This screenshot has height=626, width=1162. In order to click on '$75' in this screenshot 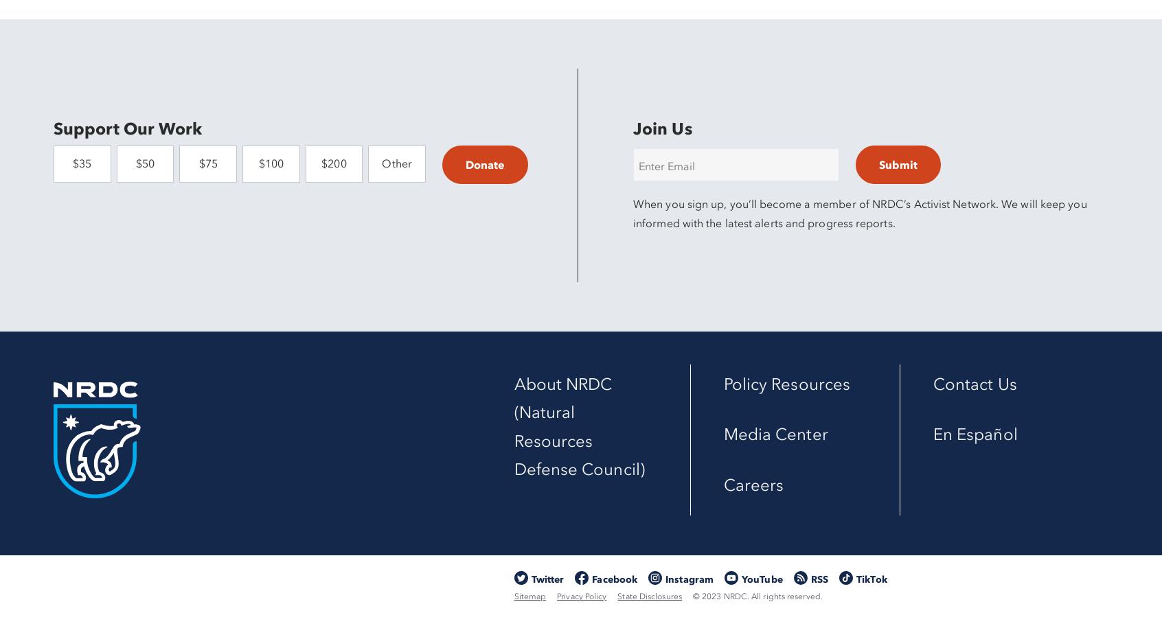, I will do `click(207, 163)`.